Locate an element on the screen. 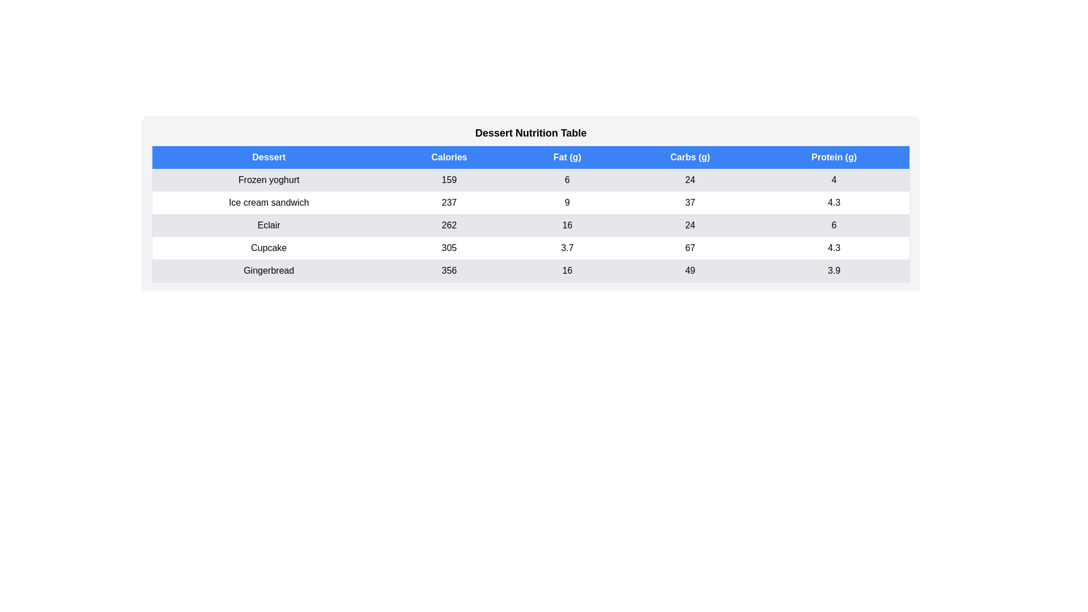  the row corresponding to Eclair is located at coordinates (530, 225).